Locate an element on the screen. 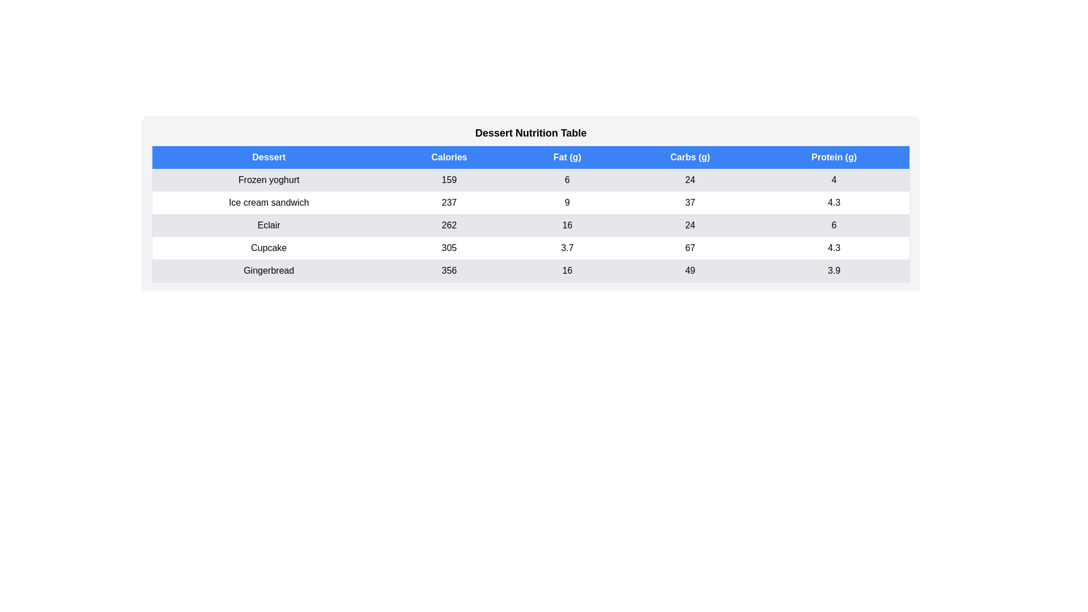  the row corresponding to Eclair is located at coordinates (530, 225).